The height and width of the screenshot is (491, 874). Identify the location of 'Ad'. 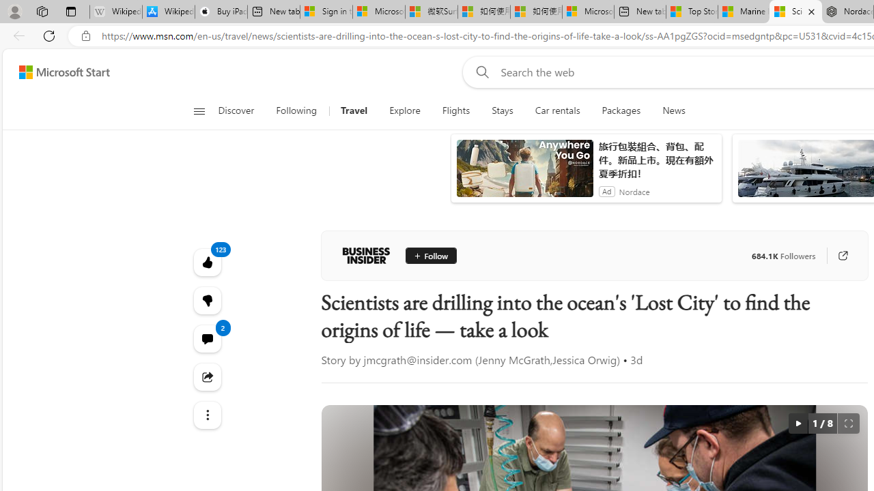
(606, 191).